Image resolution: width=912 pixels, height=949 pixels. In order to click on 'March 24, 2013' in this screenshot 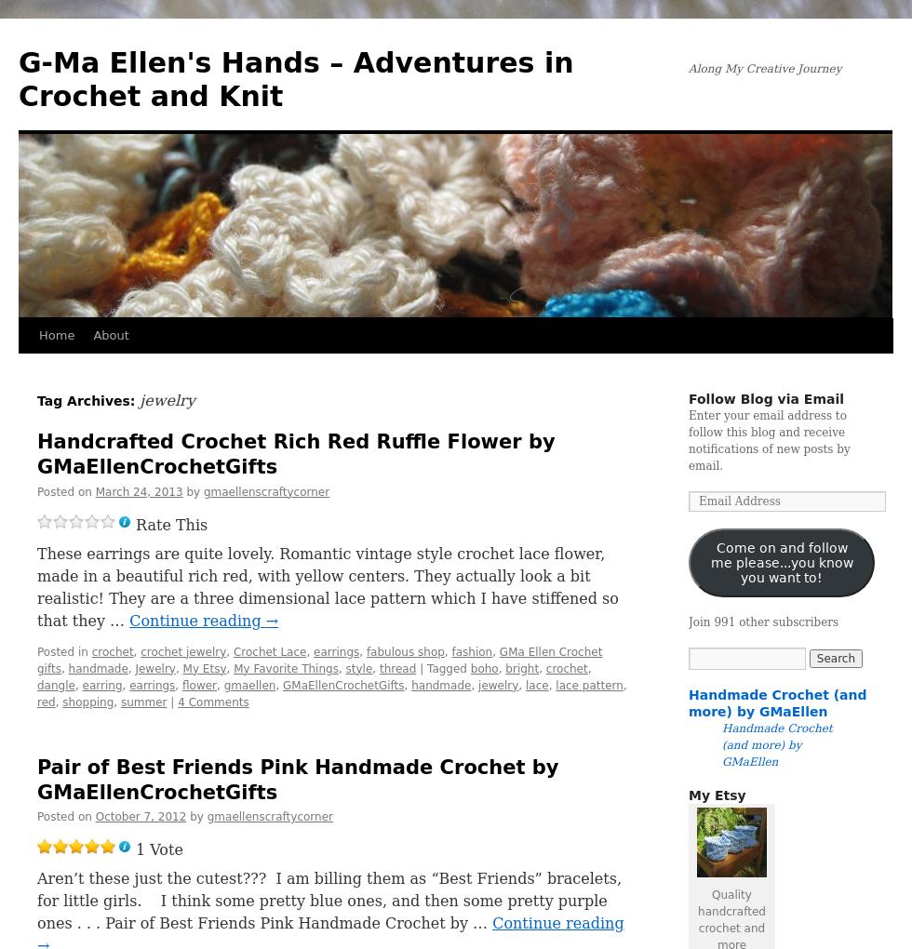, I will do `click(138, 489)`.